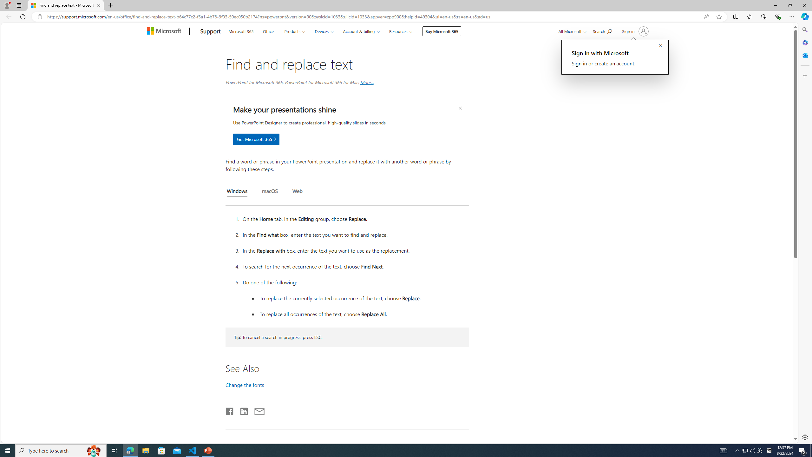  I want to click on 'Email', so click(259, 410).